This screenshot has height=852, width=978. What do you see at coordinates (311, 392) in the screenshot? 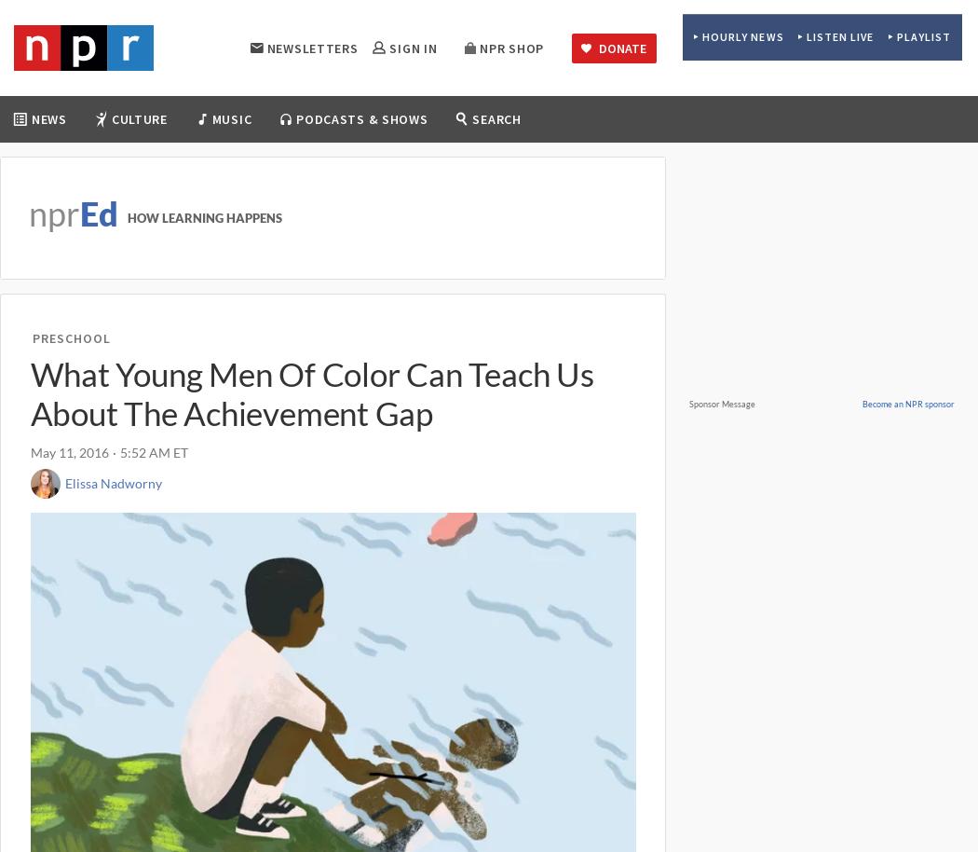
I see `'What Young Men Of Color Can Teach Us About The Achievement Gap'` at bounding box center [311, 392].